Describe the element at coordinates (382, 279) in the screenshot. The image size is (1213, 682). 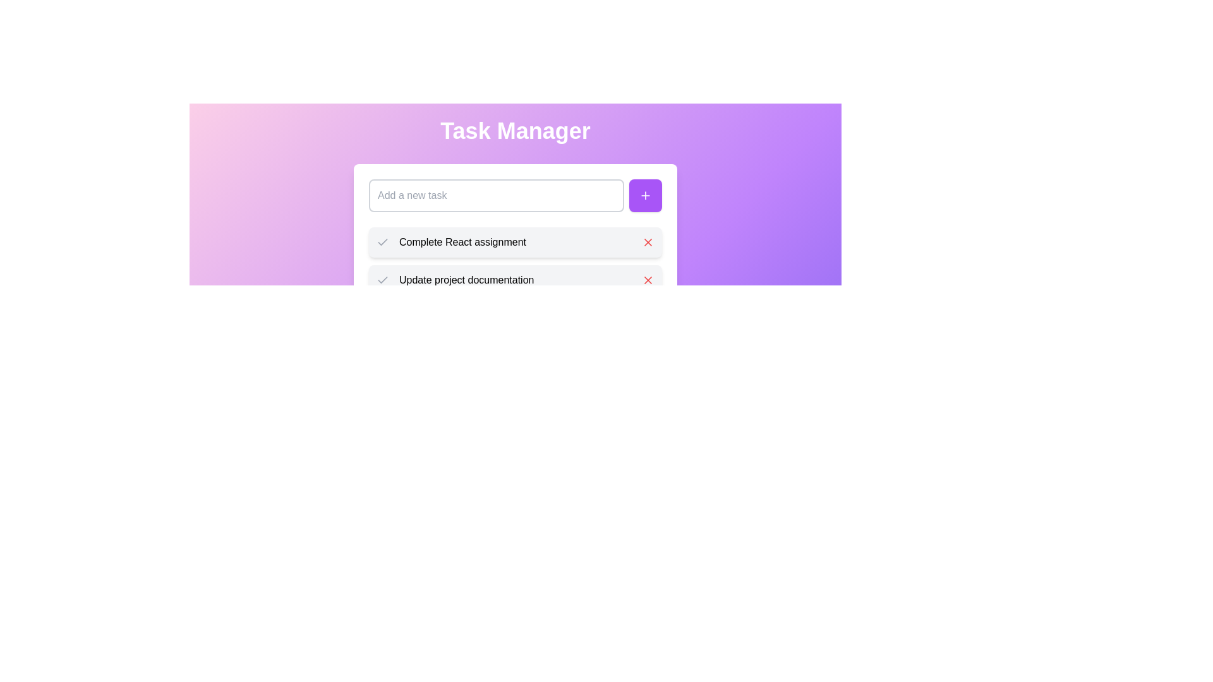
I see `the small, circular interactive checkbox with a checkmark icon that is positioned on the left side of the task description 'Update project documentation.'` at that location.